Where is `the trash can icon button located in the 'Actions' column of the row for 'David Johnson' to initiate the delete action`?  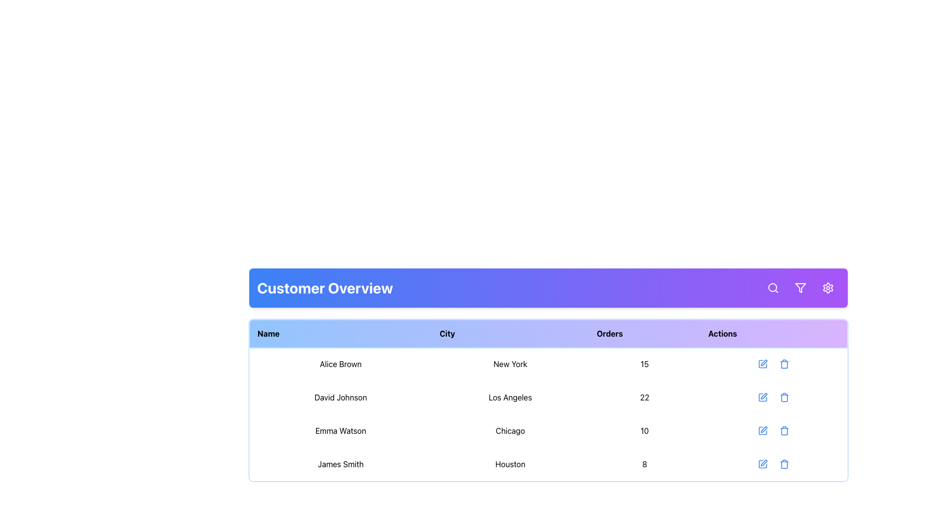 the trash can icon button located in the 'Actions' column of the row for 'David Johnson' to initiate the delete action is located at coordinates (784, 397).